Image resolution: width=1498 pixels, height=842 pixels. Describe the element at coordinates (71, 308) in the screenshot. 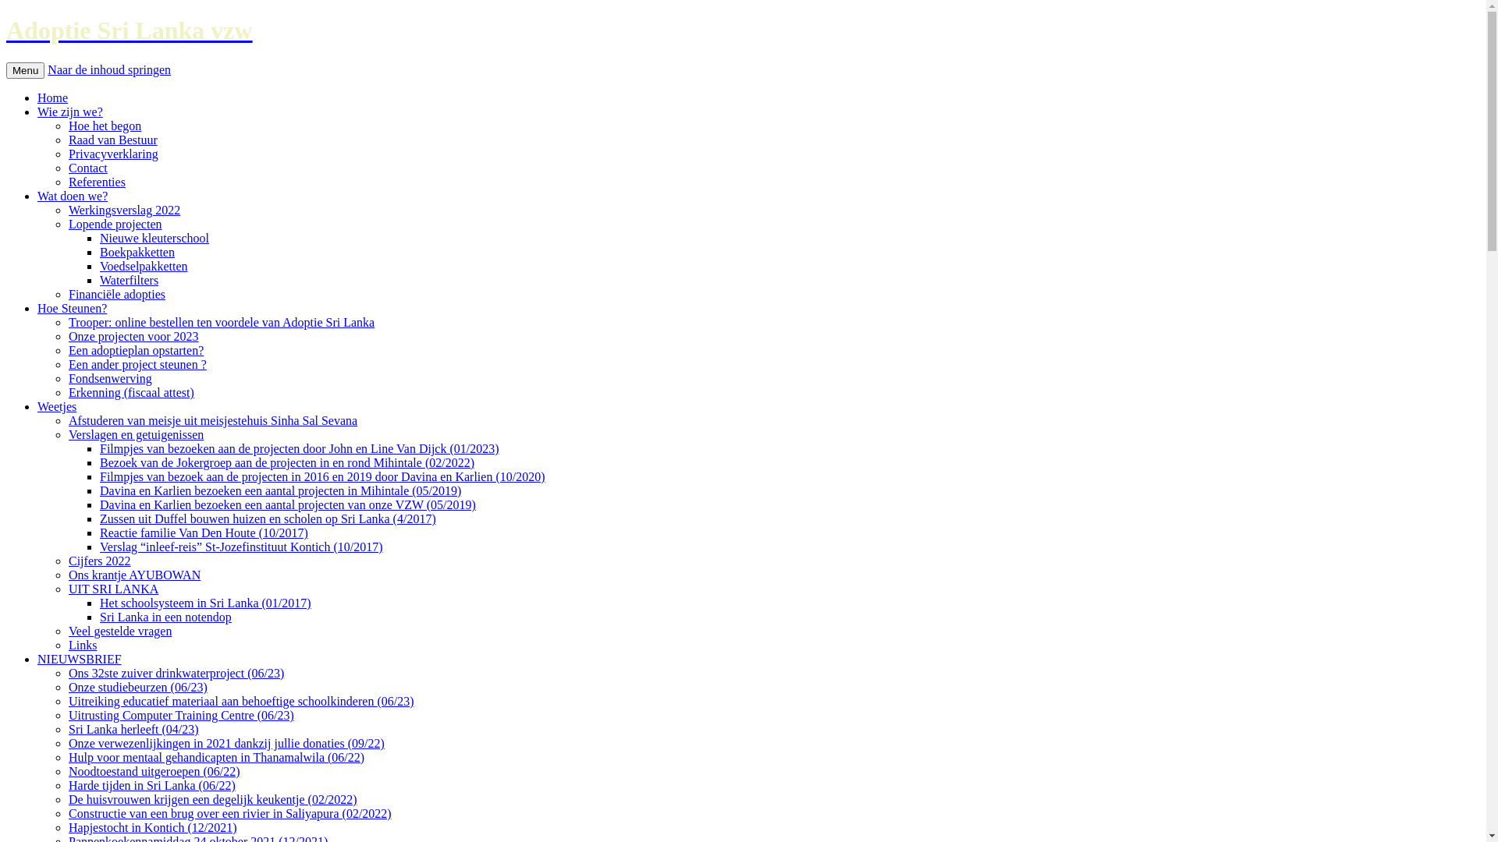

I see `'Hoe Steunen?'` at that location.